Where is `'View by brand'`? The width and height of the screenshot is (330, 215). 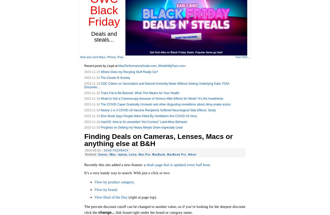 'View by brand' is located at coordinates (106, 189).